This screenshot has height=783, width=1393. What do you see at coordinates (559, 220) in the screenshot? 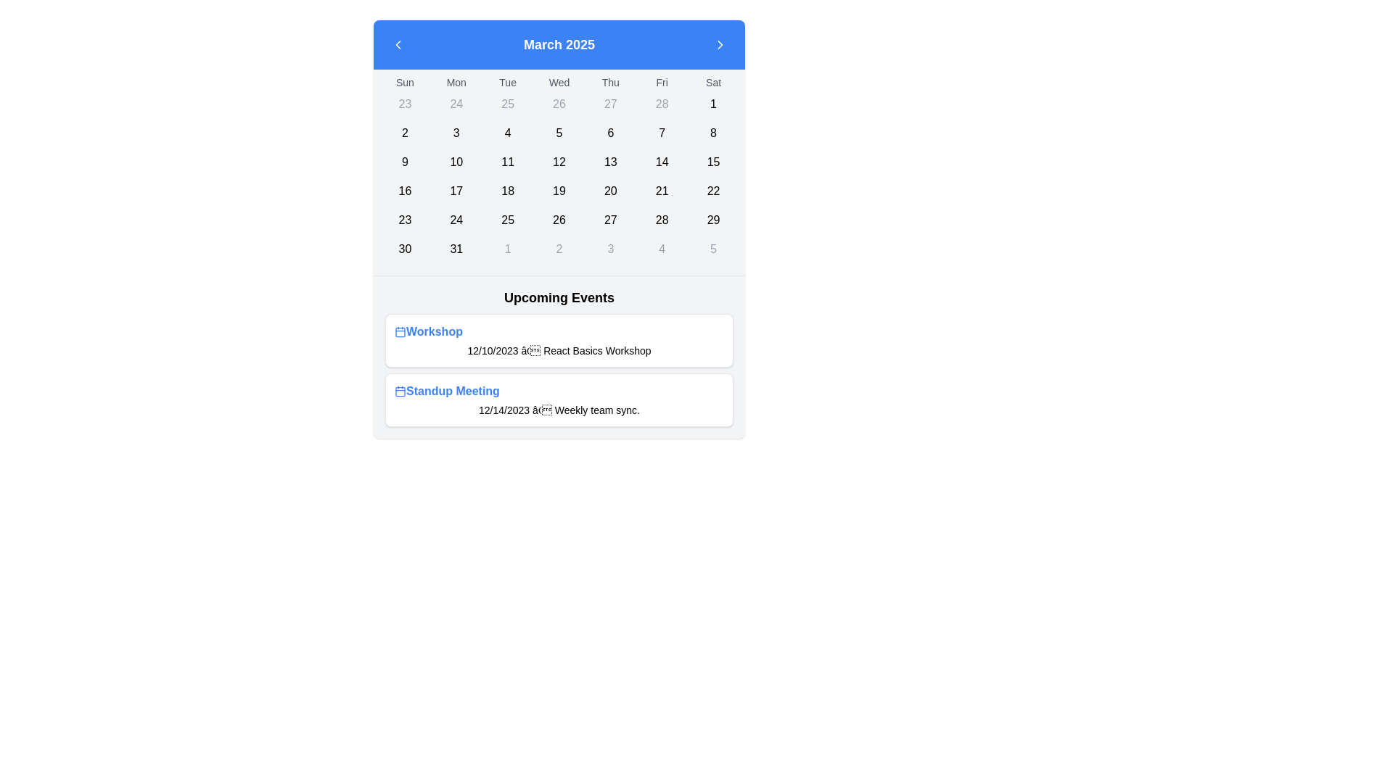
I see `the selectable button for the date '26' in the sixth column of the fourth row on the calendar` at bounding box center [559, 220].